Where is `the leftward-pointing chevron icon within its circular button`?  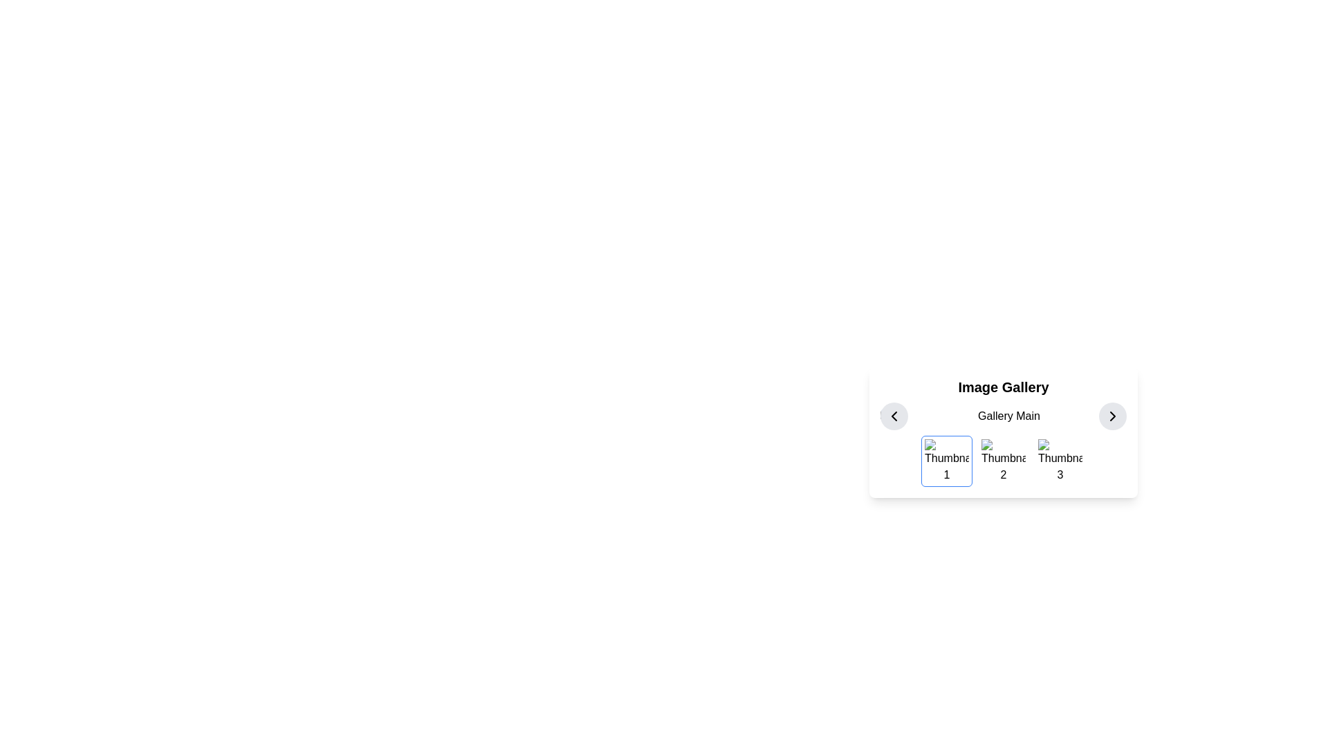
the leftward-pointing chevron icon within its circular button is located at coordinates (894, 415).